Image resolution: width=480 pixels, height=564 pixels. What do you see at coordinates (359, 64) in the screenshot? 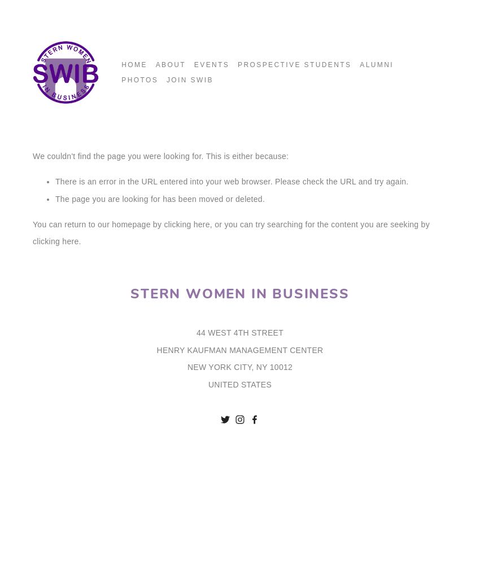
I see `'Alumni'` at bounding box center [359, 64].